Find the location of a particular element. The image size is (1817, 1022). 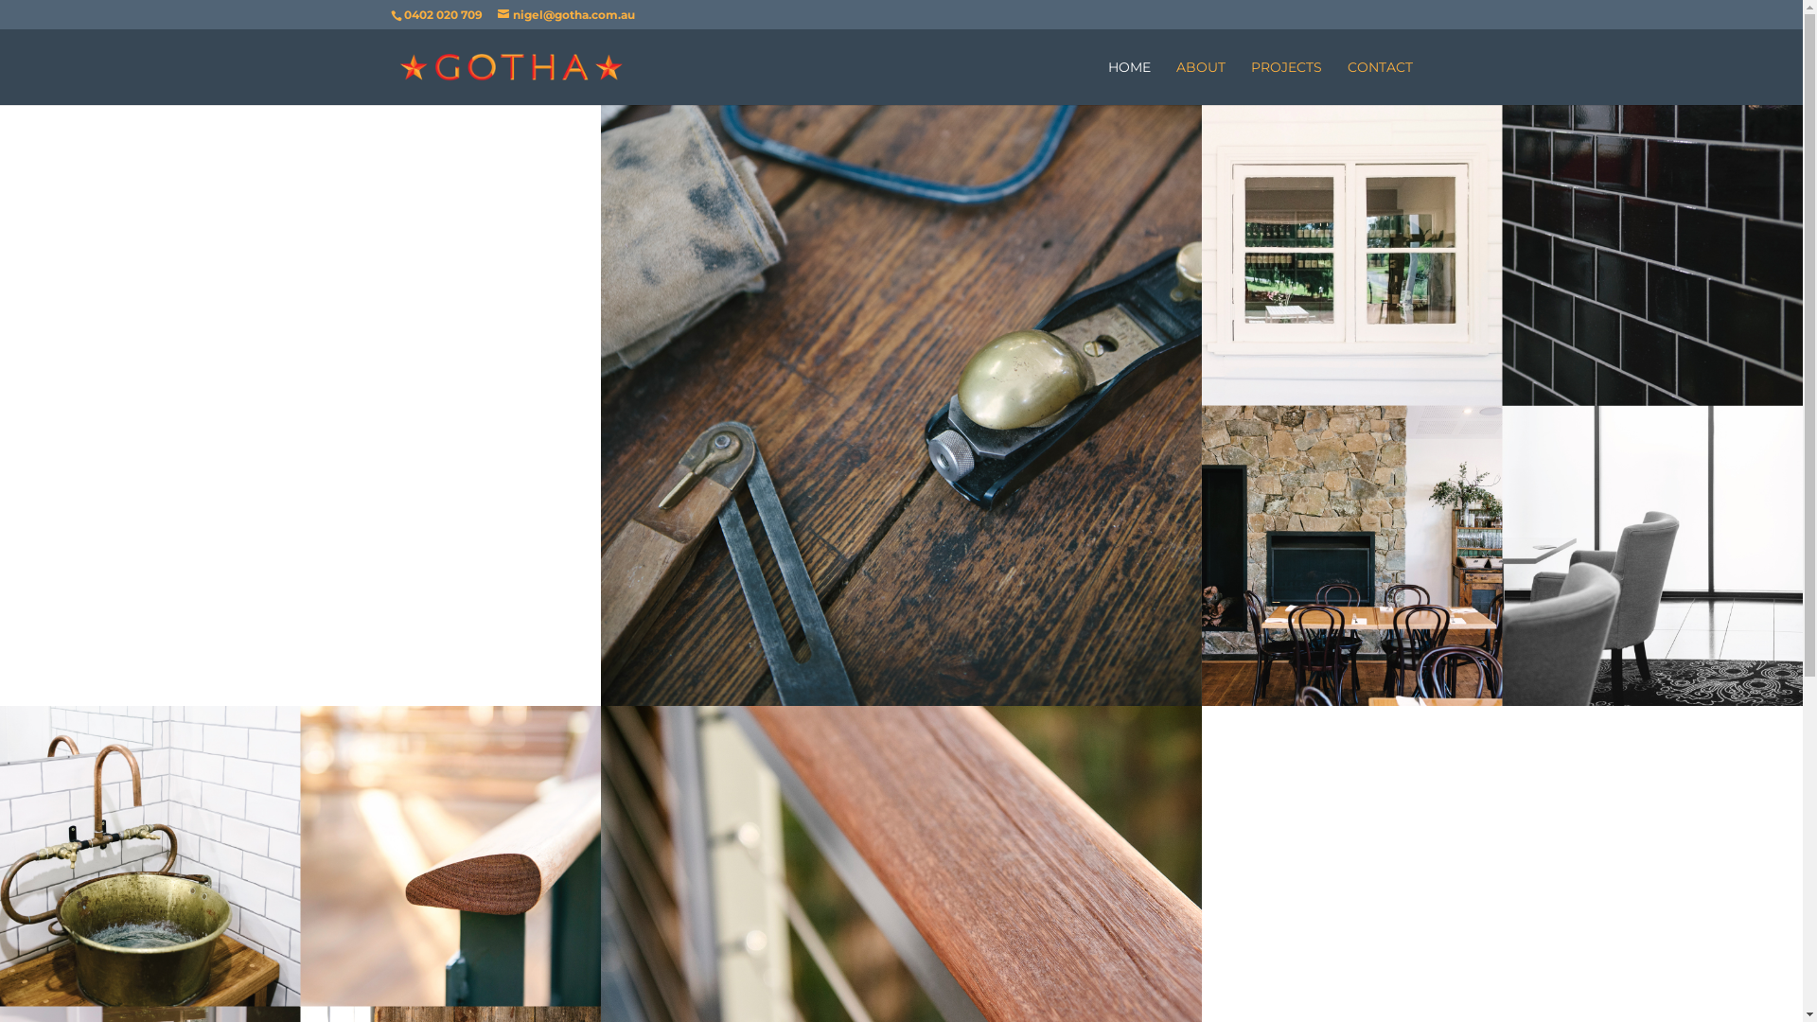

'PROJECTS' is located at coordinates (1286, 81).